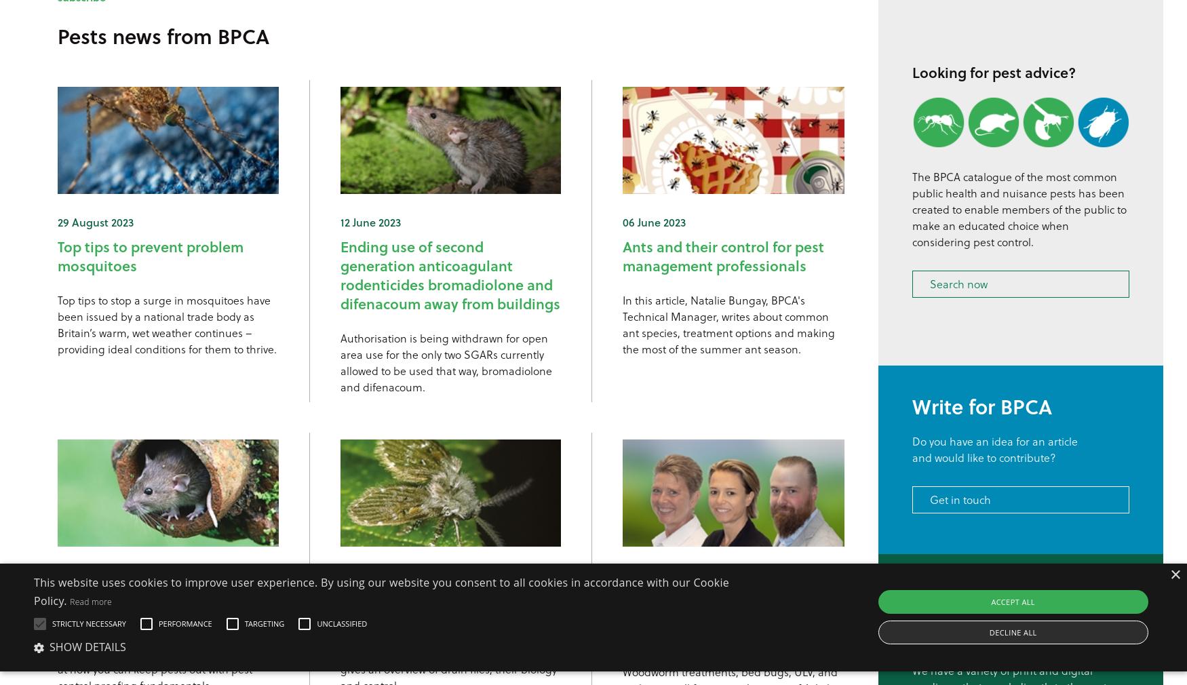 This screenshot has width=1187, height=685. Describe the element at coordinates (912, 614) in the screenshot. I see `'Want to reach the pest management industry?'` at that location.